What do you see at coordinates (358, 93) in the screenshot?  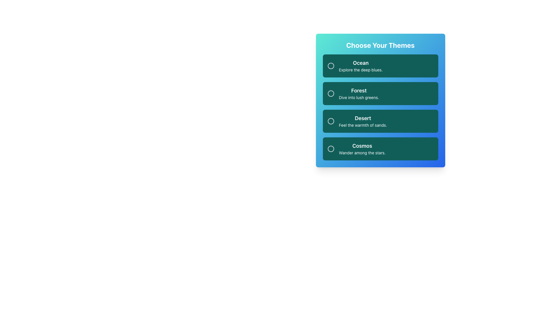 I see `the 'Forest' theme selectable item in the list, which is the second option located inside a teal-colored rectangle` at bounding box center [358, 93].